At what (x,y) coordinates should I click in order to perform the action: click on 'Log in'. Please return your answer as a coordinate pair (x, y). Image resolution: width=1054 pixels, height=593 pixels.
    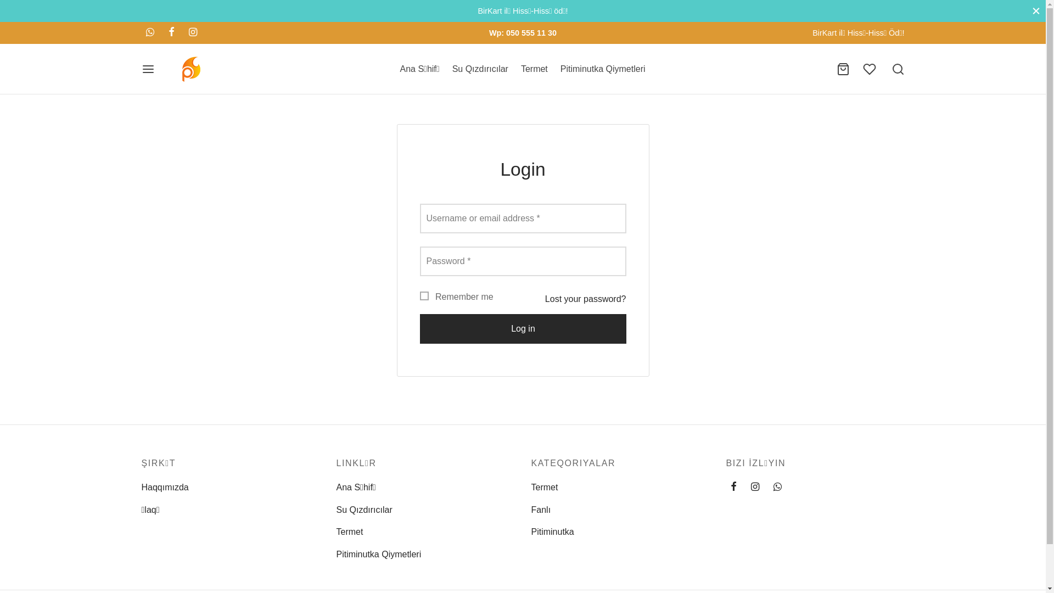
    Looking at the image, I should click on (522, 328).